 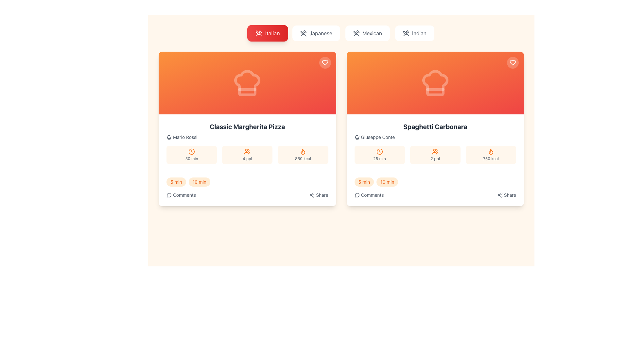 I want to click on the 'Italian' food category icon, which visually indicates the selected cuisine type and is part of a set of buttons at the top of the interface, so click(x=303, y=33).